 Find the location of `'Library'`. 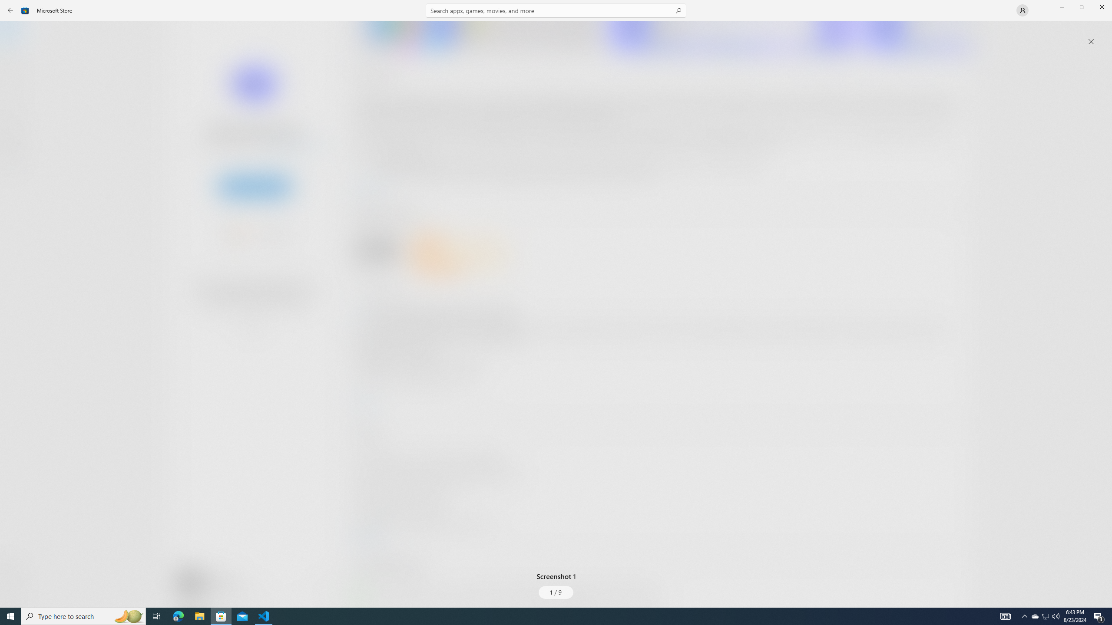

'Library' is located at coordinates (15, 590).